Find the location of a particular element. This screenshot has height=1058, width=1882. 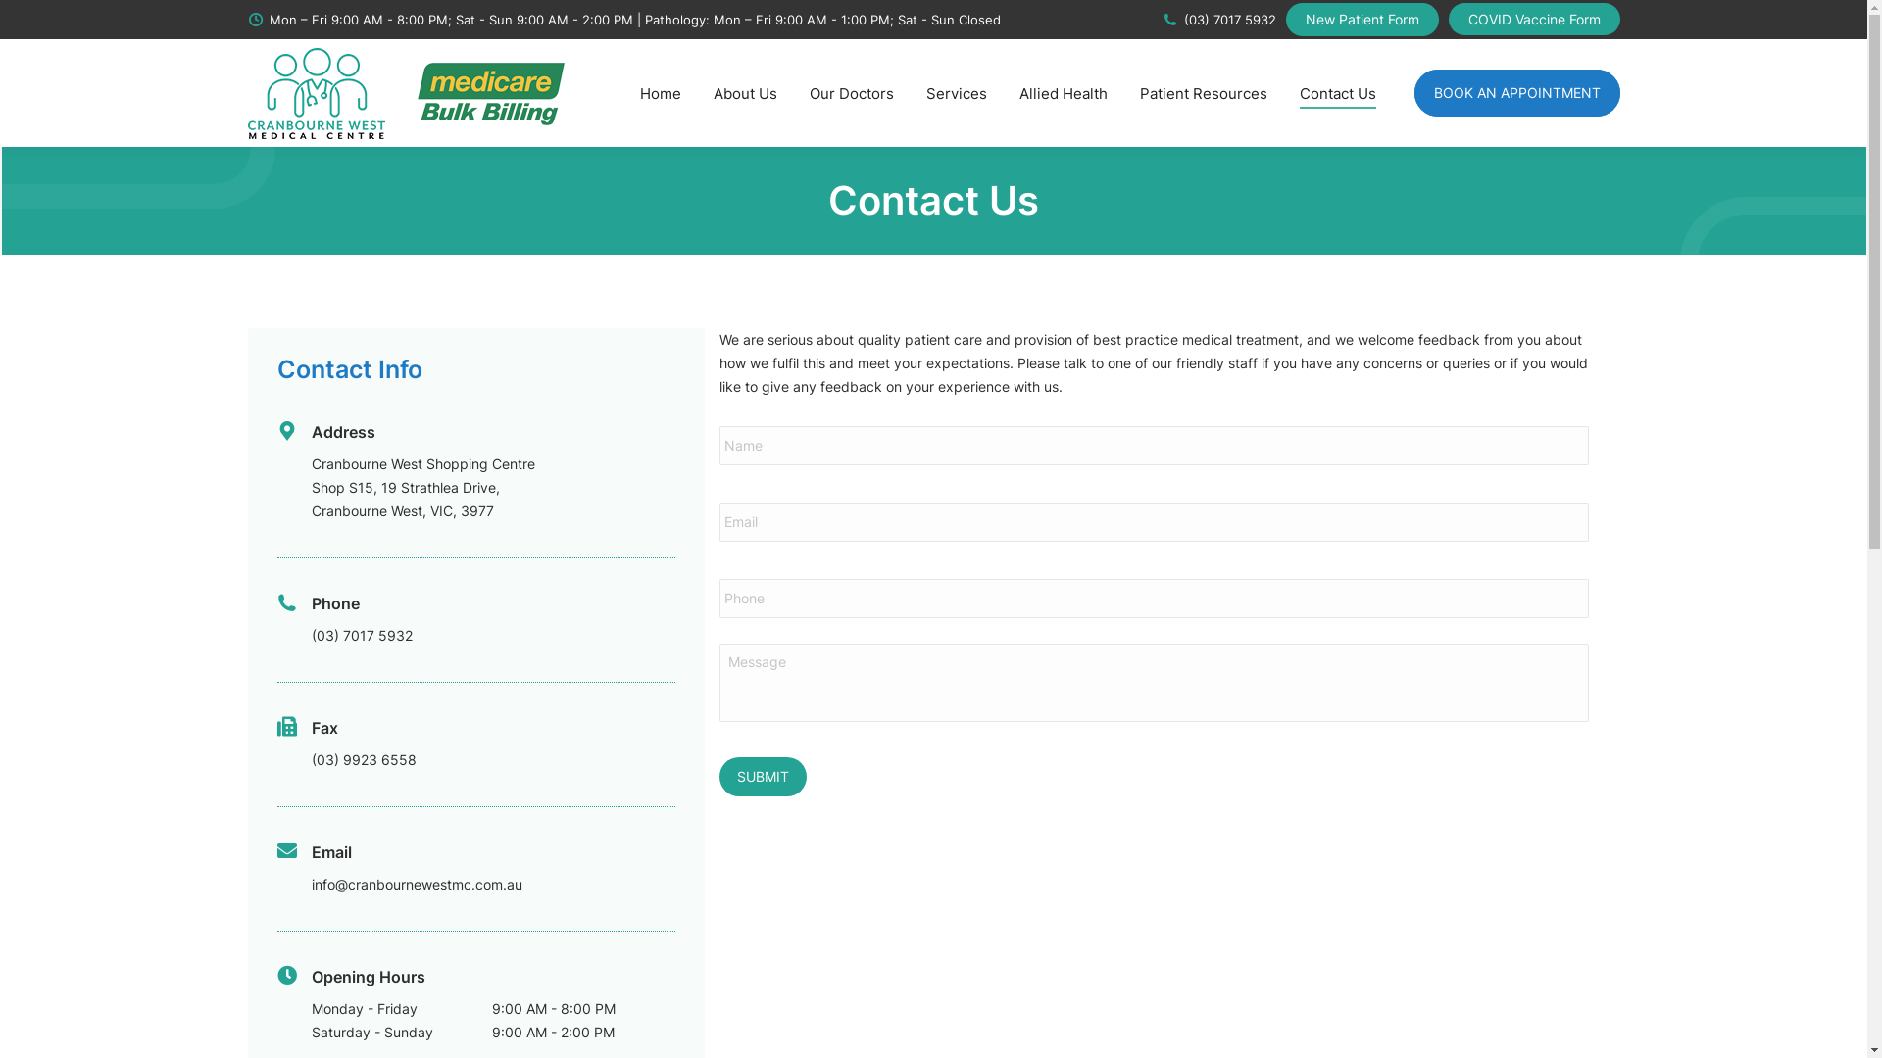

'Patient Resources' is located at coordinates (1134, 93).